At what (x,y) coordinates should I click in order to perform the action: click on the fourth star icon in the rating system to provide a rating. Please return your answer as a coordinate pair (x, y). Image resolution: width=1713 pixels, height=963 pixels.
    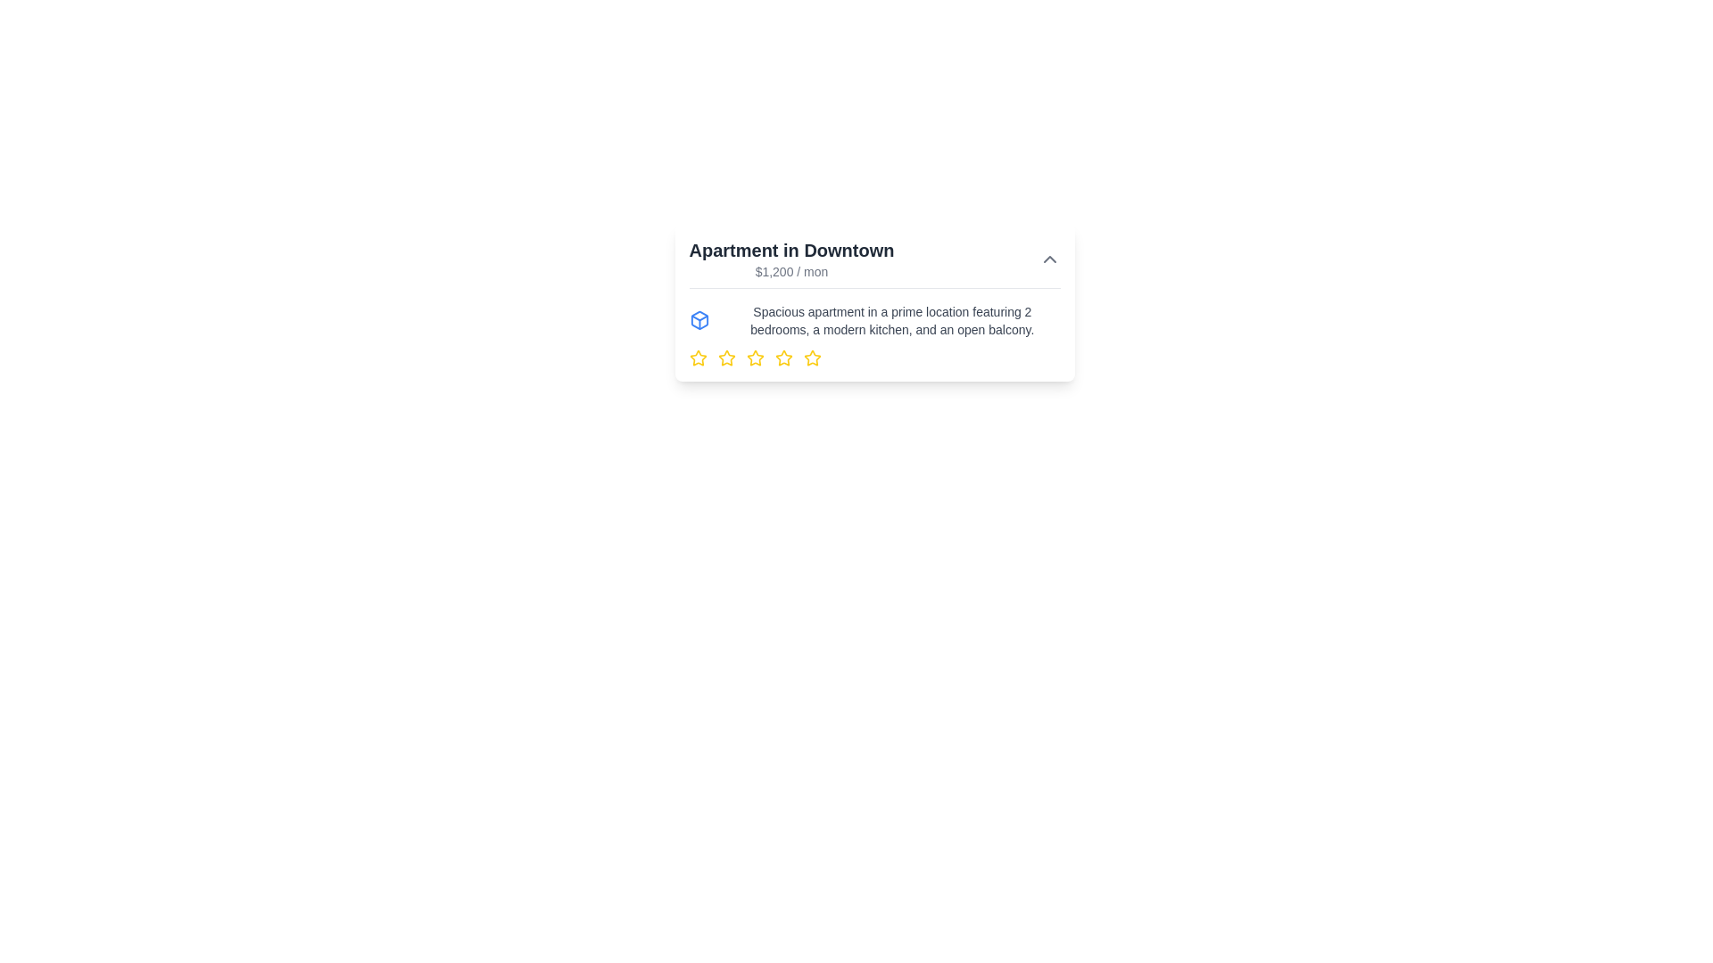
    Looking at the image, I should click on (783, 358).